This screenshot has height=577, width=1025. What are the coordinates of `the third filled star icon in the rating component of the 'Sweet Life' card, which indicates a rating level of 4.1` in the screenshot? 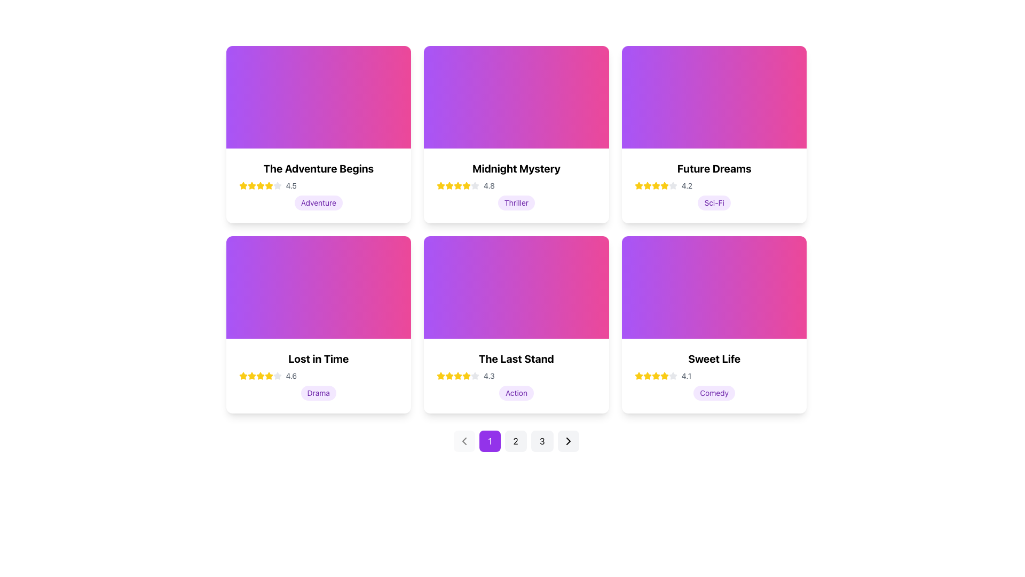 It's located at (646, 376).